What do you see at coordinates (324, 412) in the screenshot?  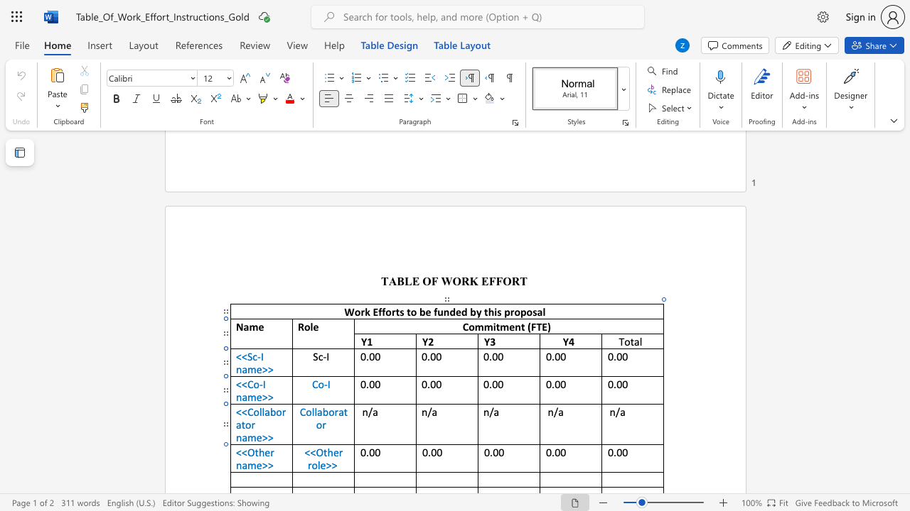 I see `the 1th character "b" in the text` at bounding box center [324, 412].